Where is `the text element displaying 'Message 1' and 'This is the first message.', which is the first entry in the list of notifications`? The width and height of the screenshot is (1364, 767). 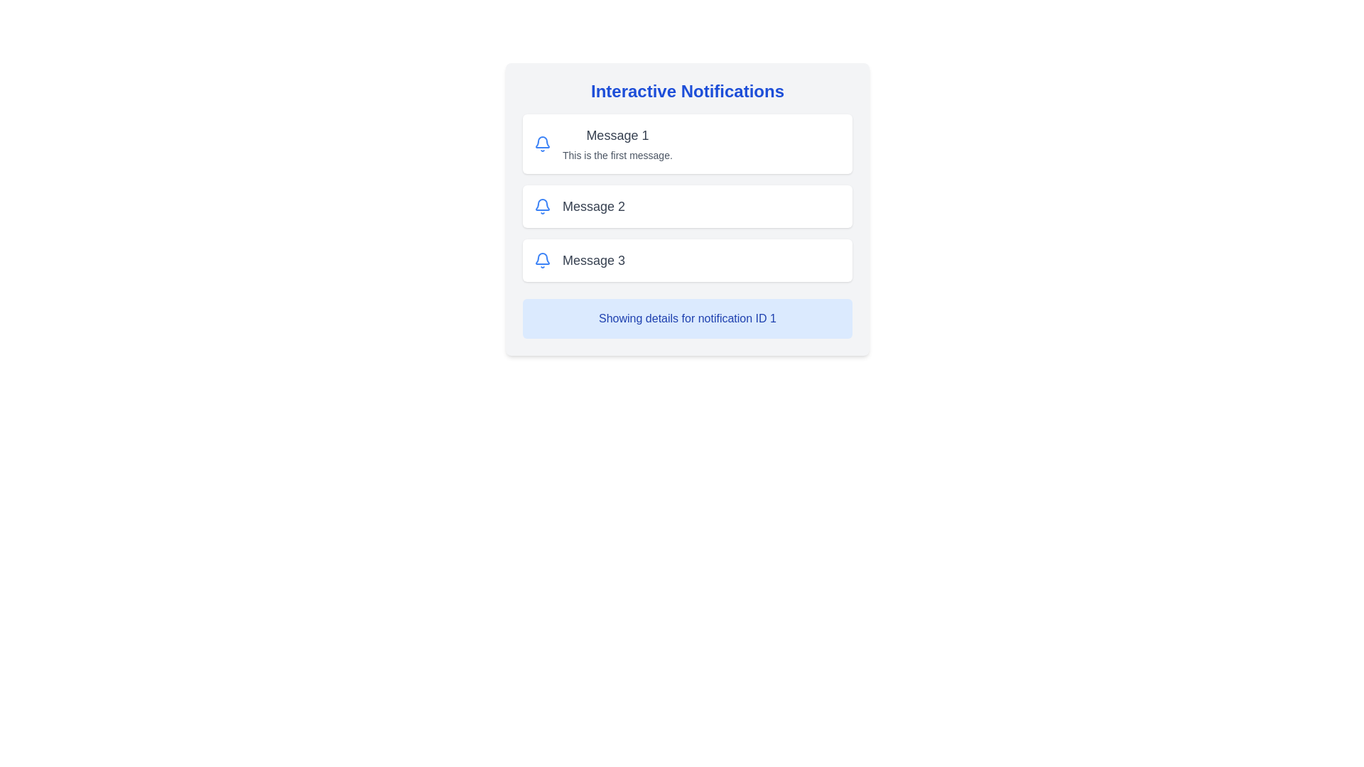
the text element displaying 'Message 1' and 'This is the first message.', which is the first entry in the list of notifications is located at coordinates (617, 144).